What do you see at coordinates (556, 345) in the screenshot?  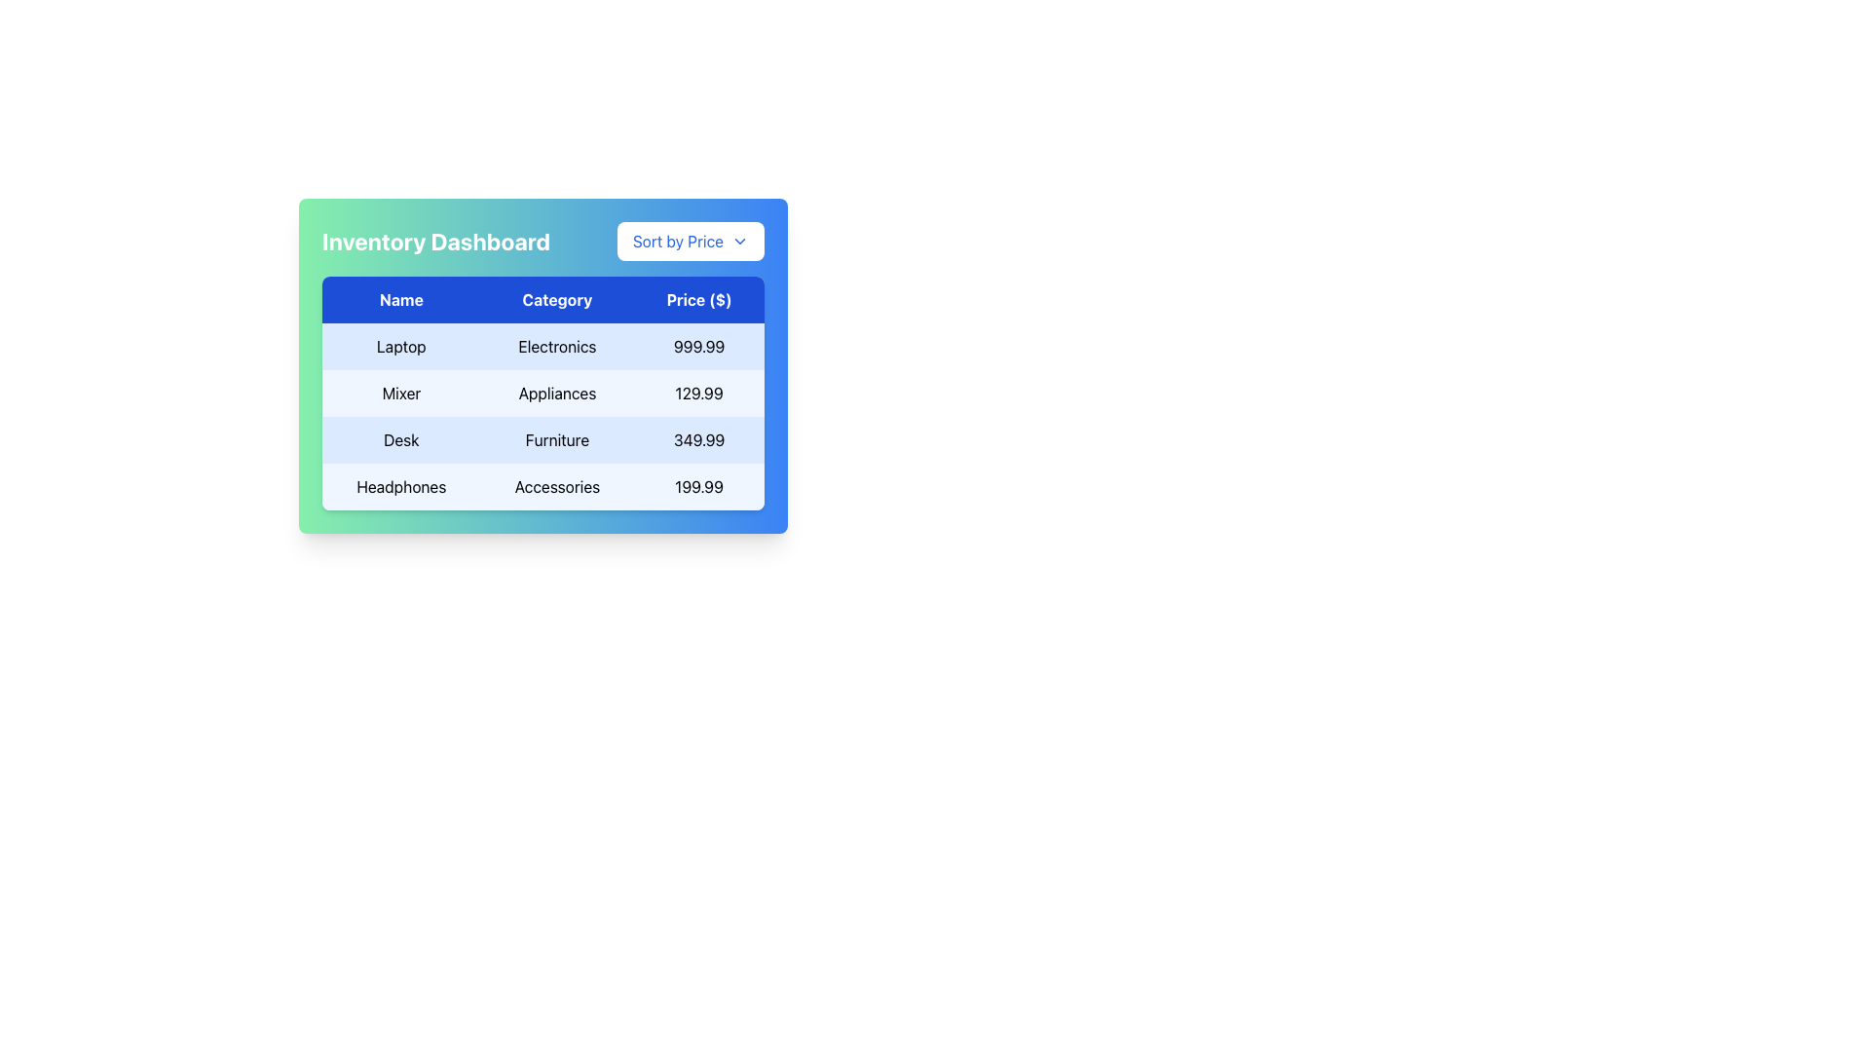 I see `the text element displaying 'Electronics', styled with a tabular font in black on a light blue background, located in the second column of the first row under the 'Name' header` at bounding box center [556, 345].